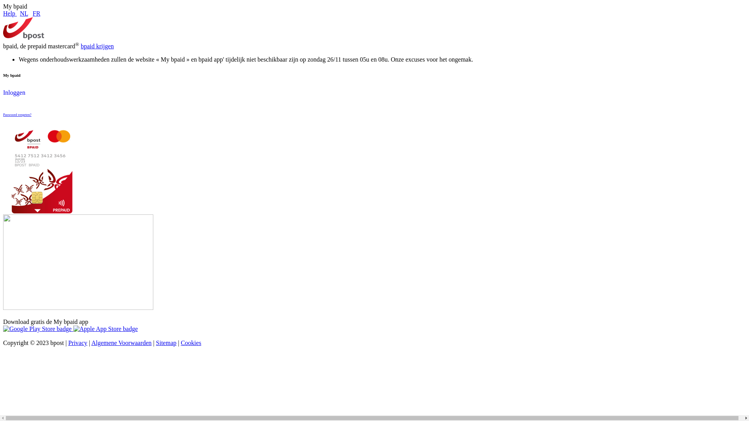  Describe the element at coordinates (97, 46) in the screenshot. I see `'bpaid krijgen'` at that location.